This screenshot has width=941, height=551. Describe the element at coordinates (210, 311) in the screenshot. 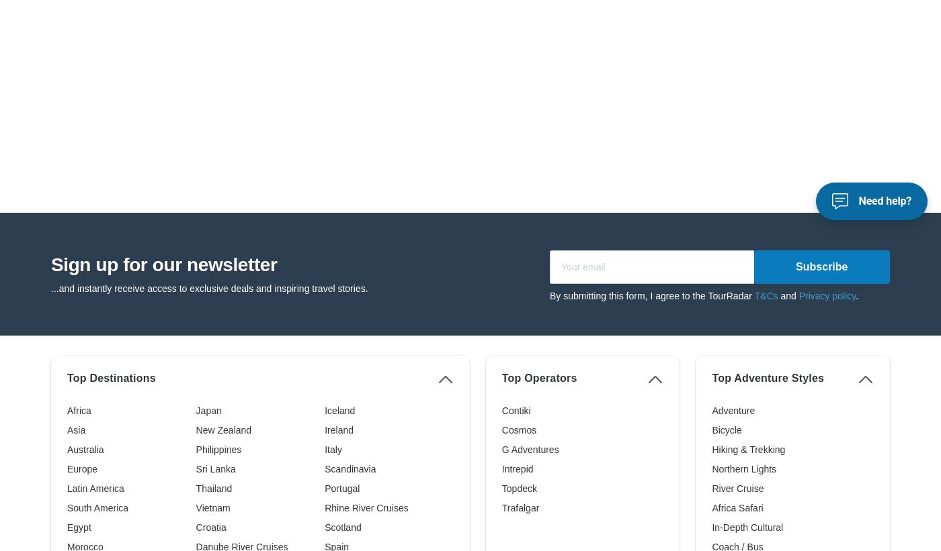

I see `'Croatia'` at that location.